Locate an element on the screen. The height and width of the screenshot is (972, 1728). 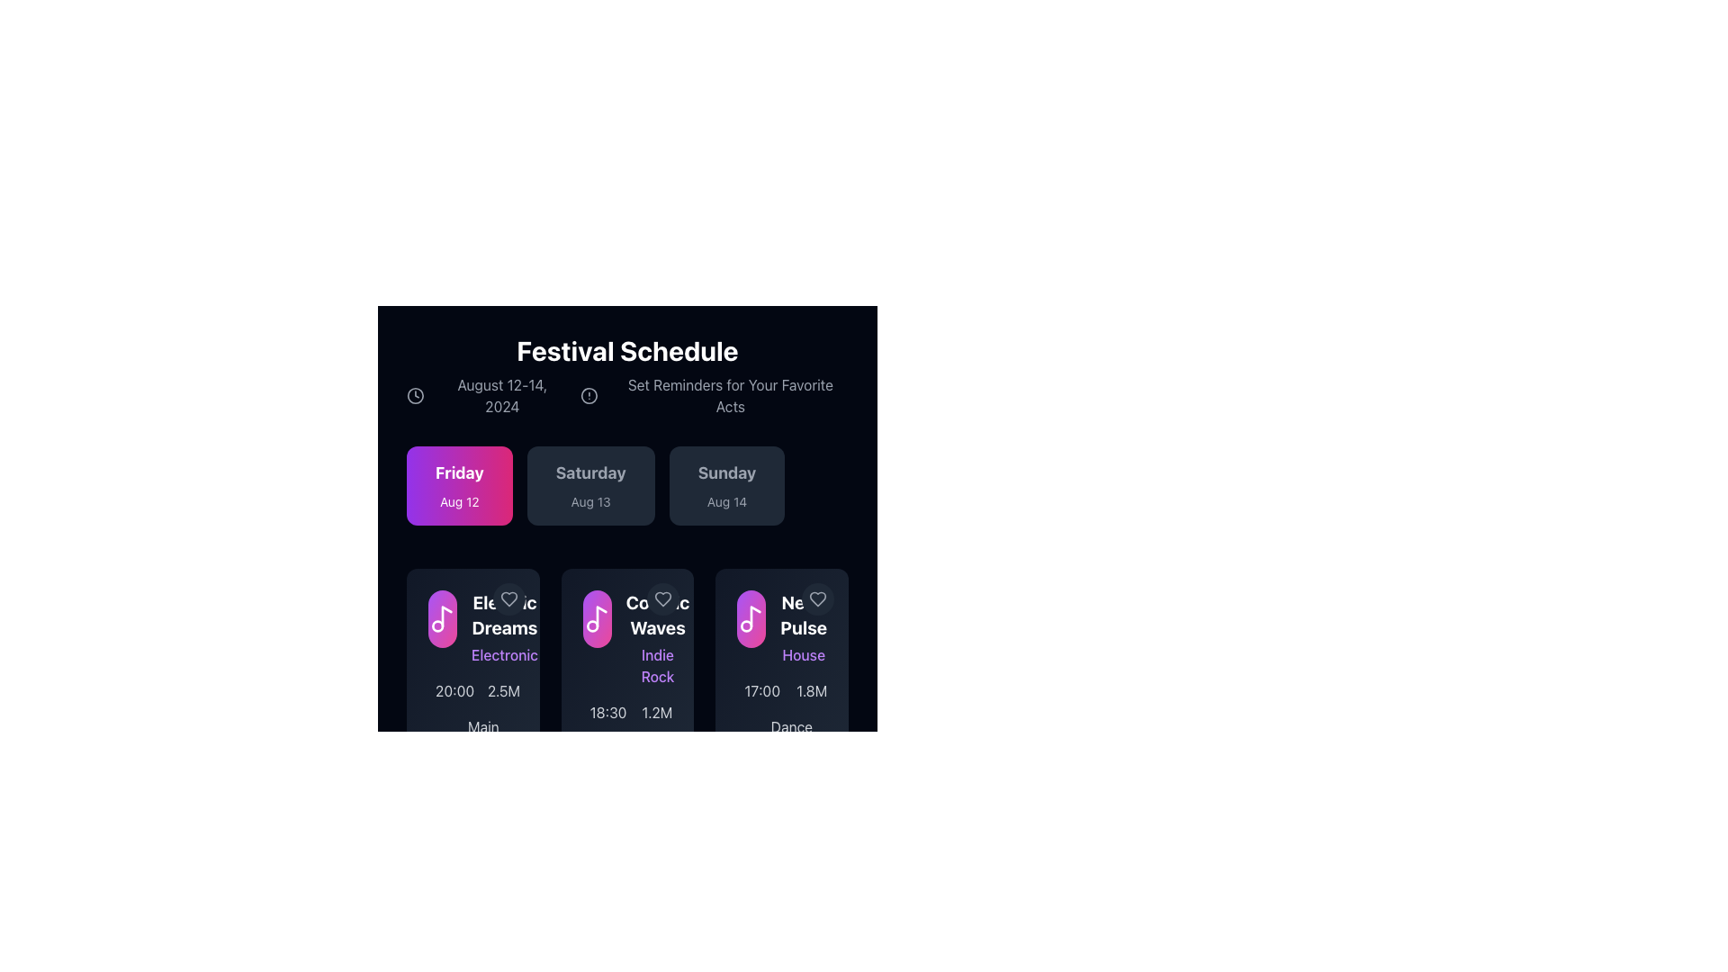
the static text label that describes the genre of the event associated with the 'Neon Pulse' card, which displays the text 'House' located below the title in the third column under the 'Friday' section is located at coordinates (803, 655).